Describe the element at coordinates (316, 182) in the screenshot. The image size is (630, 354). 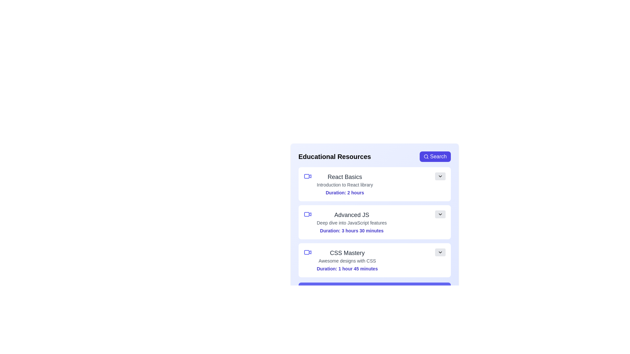
I see `the text 'Introduction to React library' in the description of the first resource` at that location.